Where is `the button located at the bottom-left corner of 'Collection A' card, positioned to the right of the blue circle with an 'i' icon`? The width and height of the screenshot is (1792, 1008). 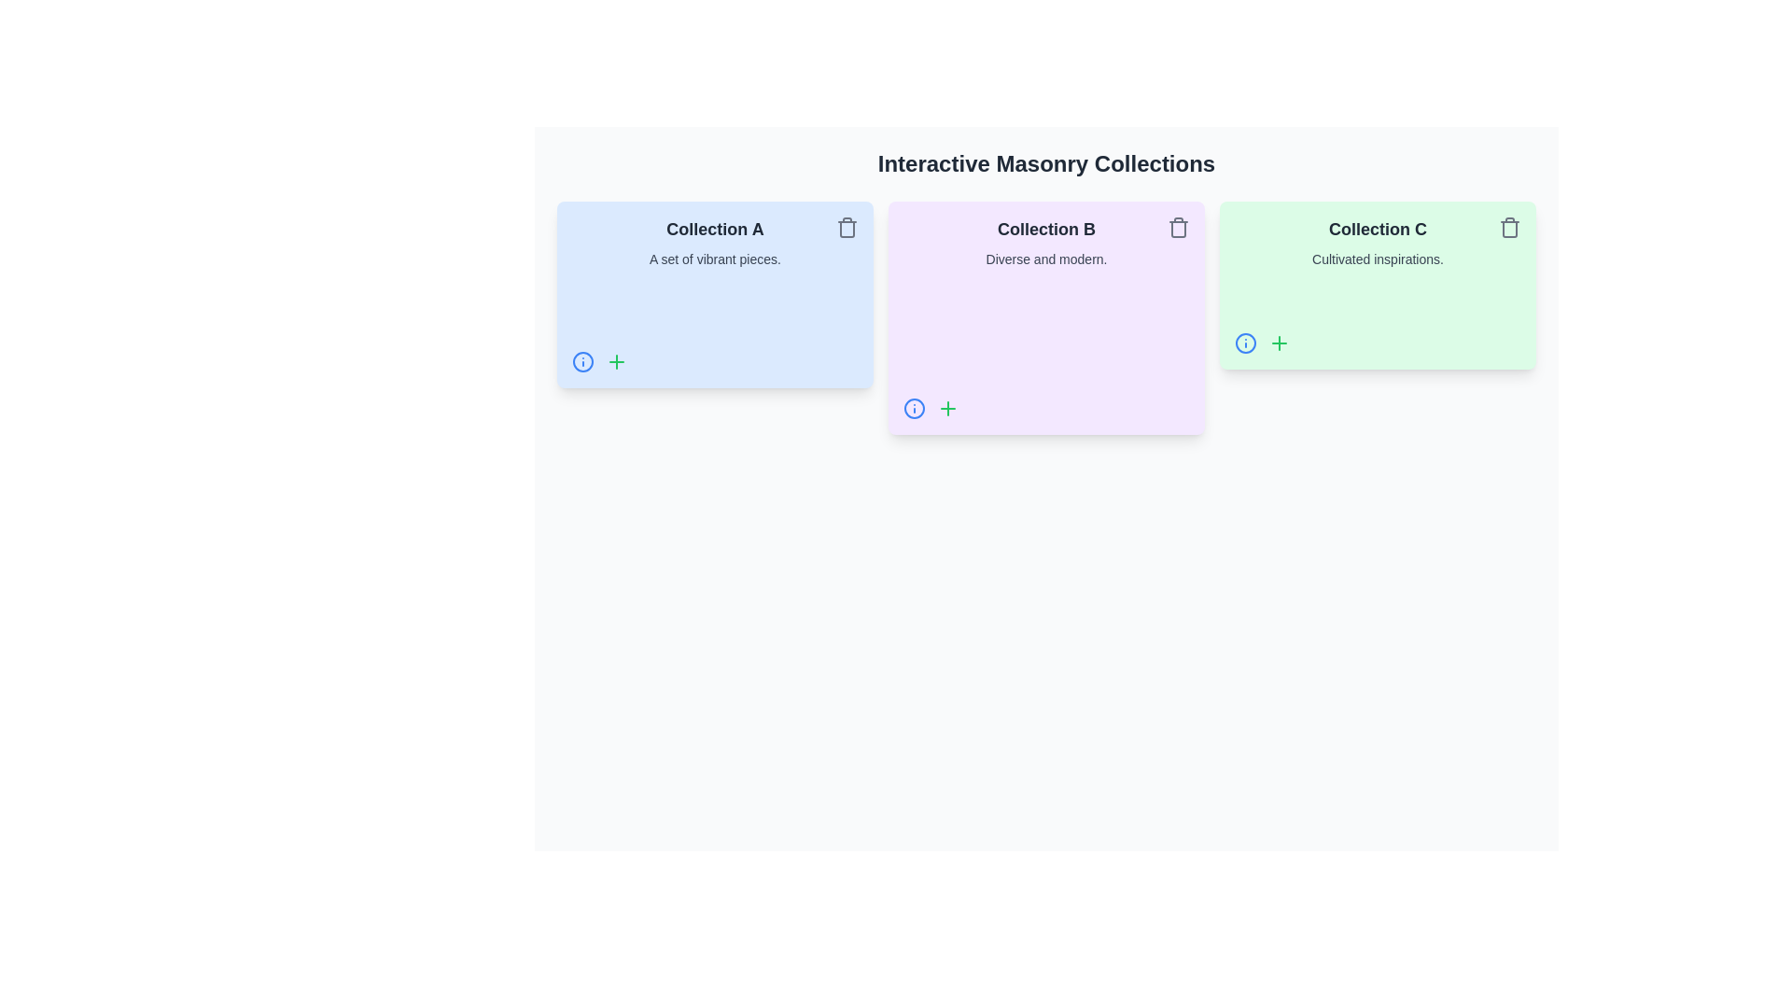 the button located at the bottom-left corner of 'Collection A' card, positioned to the right of the blue circle with an 'i' icon is located at coordinates (617, 362).